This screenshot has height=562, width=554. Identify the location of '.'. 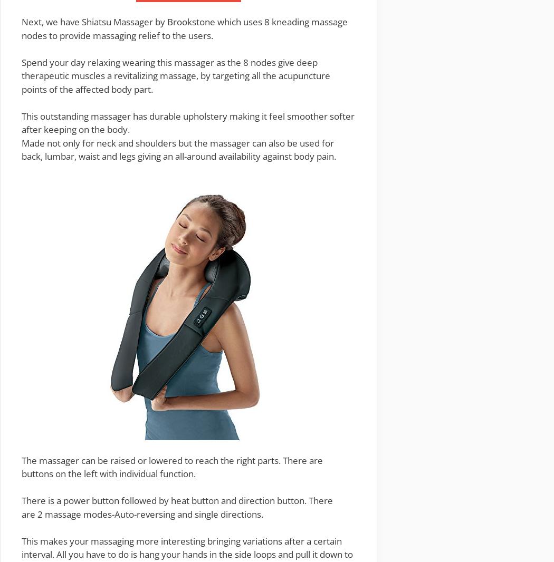
(261, 513).